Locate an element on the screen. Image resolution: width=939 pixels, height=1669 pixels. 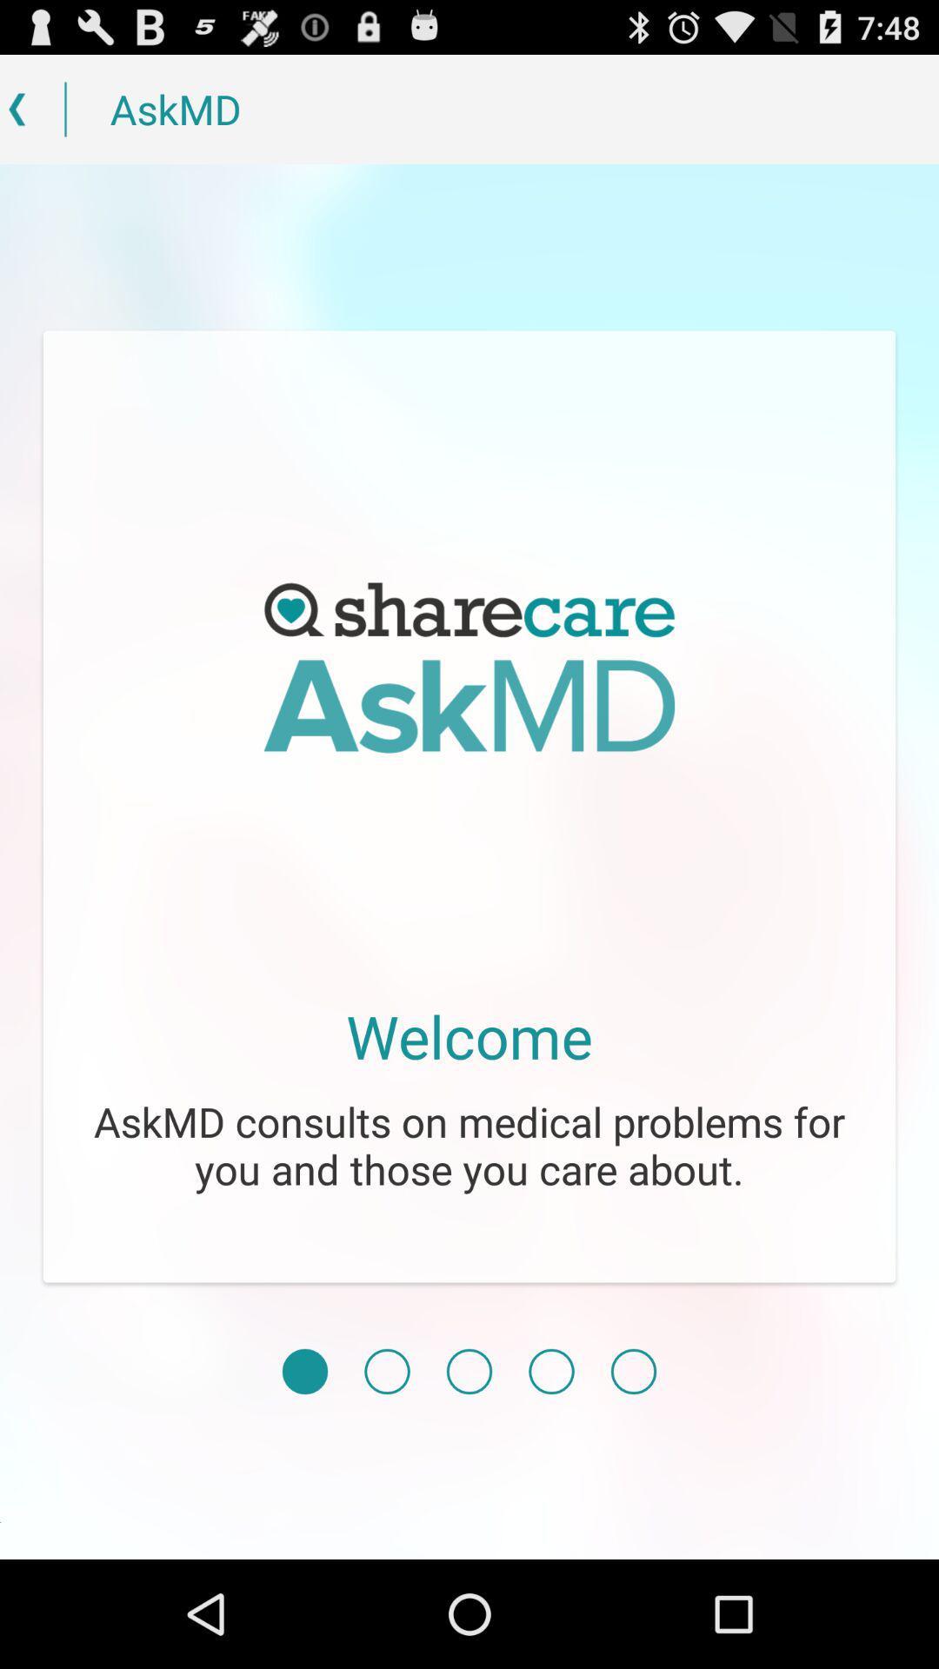
icon below the askmd consults on icon is located at coordinates (469, 1371).